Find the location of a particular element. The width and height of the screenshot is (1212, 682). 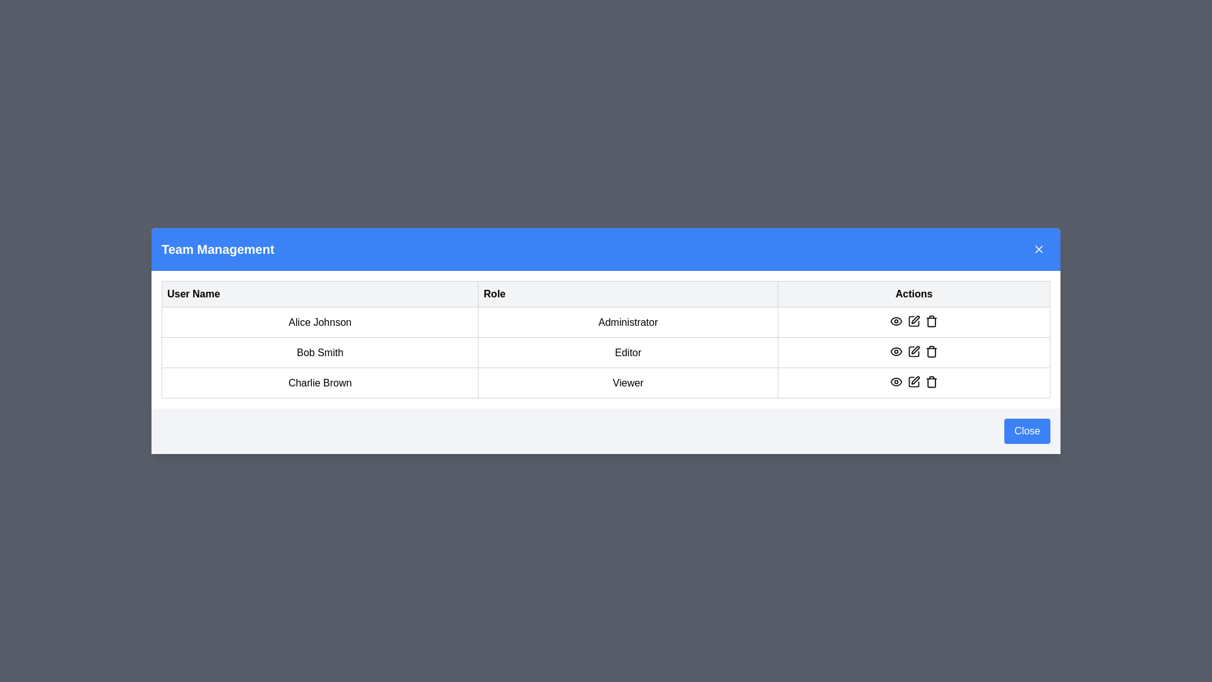

the trash can icon located in the last row of the 'Actions' column of the table is located at coordinates (932, 381).